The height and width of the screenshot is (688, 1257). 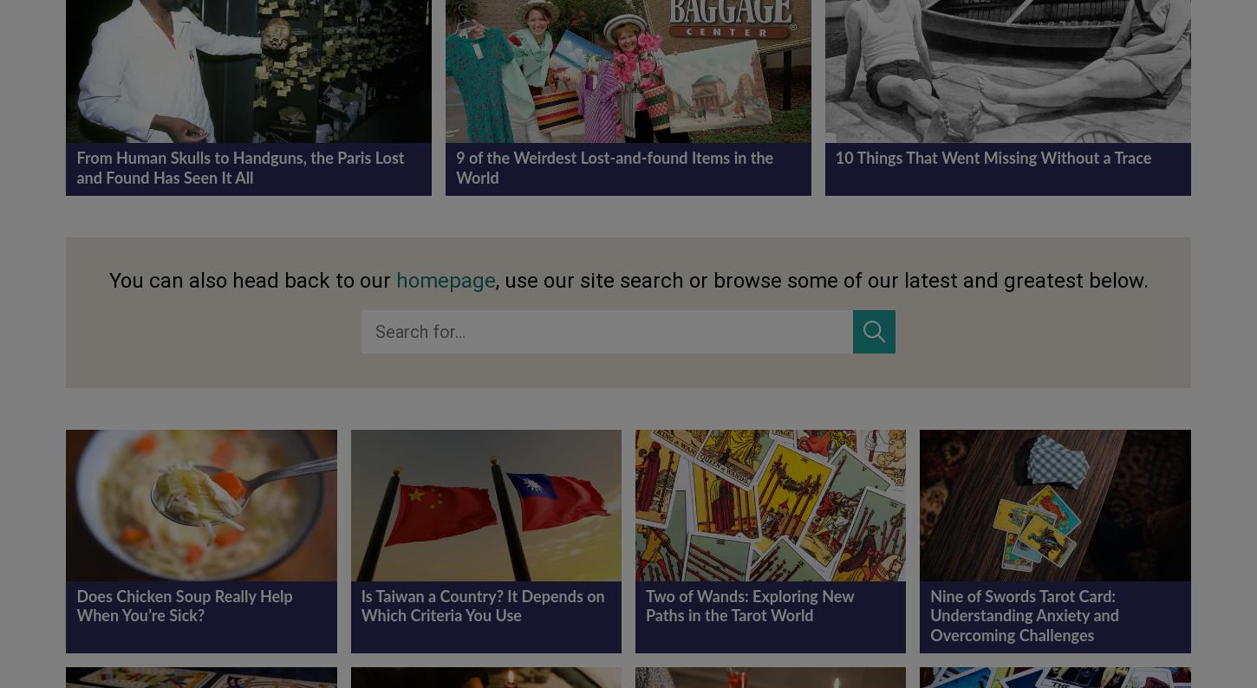 I want to click on 'Does Chicken Soup Really Help When You’re Sick?', so click(x=183, y=607).